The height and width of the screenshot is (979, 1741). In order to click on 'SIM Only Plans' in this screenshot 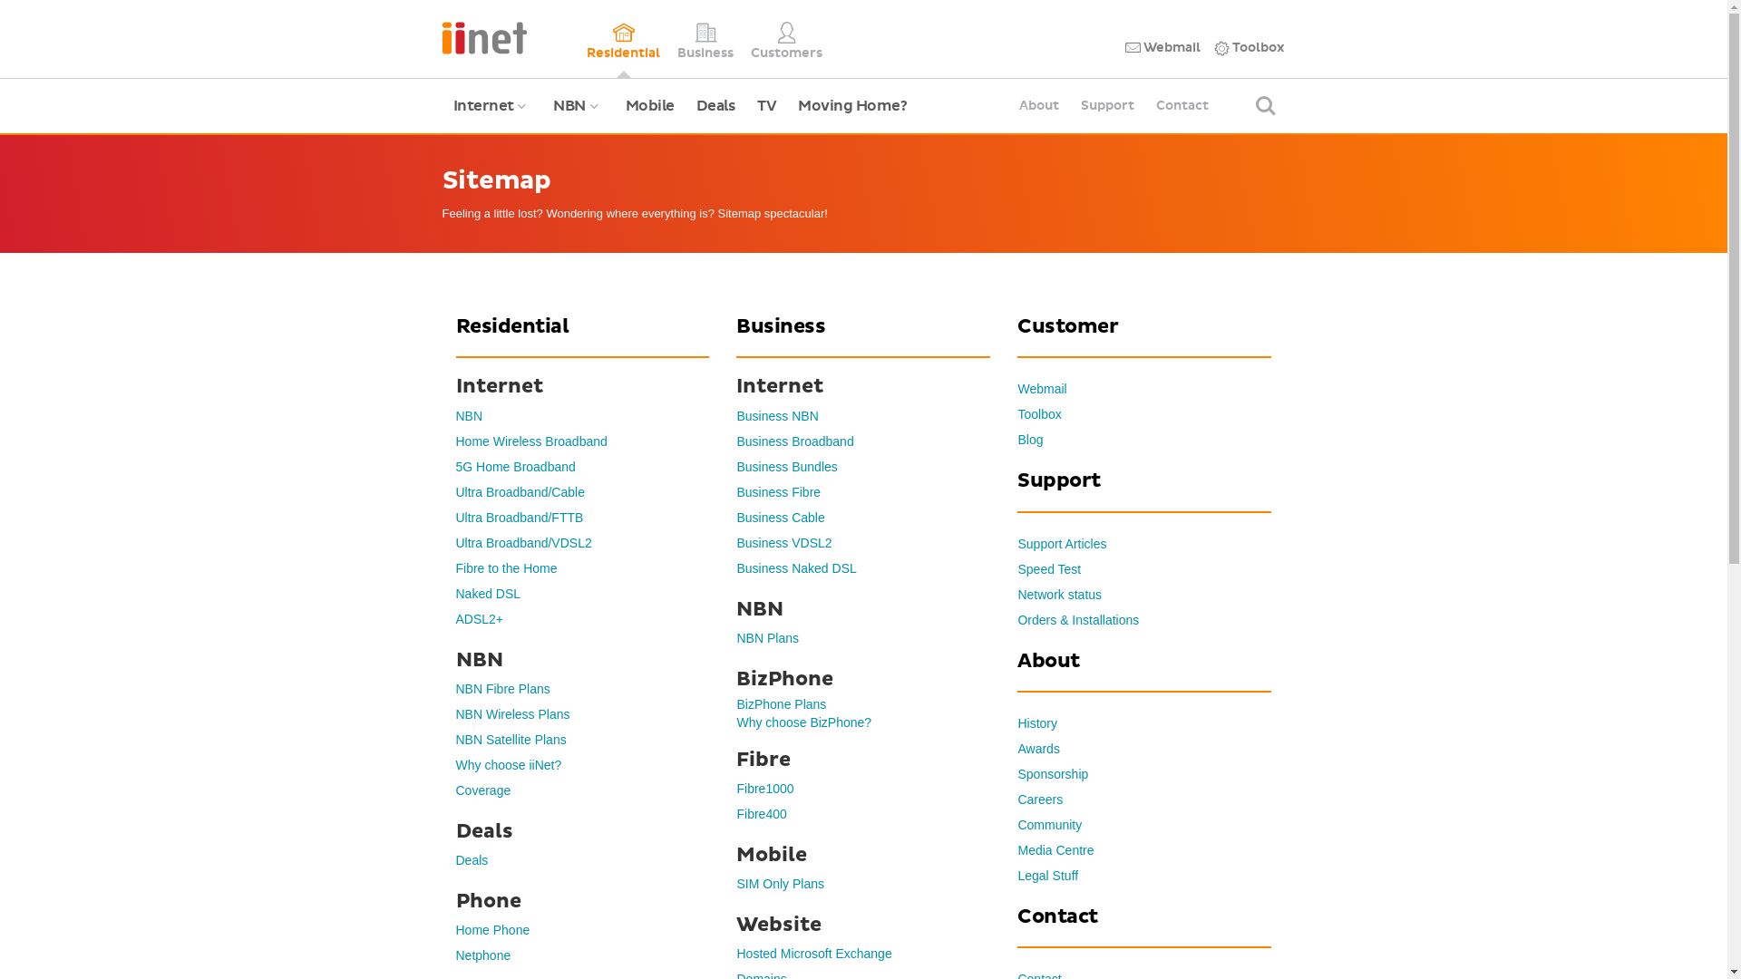, I will do `click(779, 883)`.